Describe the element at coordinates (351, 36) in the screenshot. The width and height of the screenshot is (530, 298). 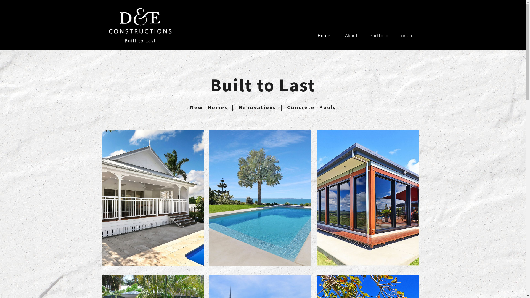
I see `'About'` at that location.